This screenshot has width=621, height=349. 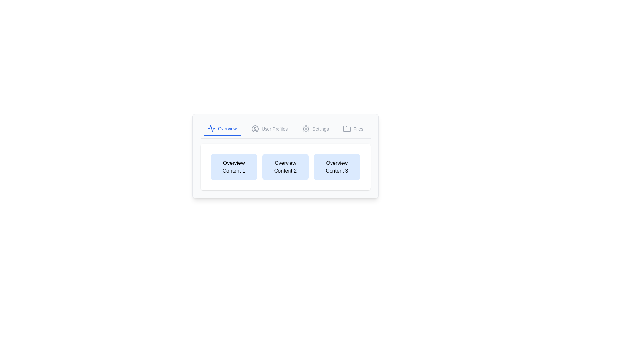 What do you see at coordinates (285, 156) in the screenshot?
I see `the second content card in a row of three items, which serves as a clickable content card for navigation or displaying grouped content` at bounding box center [285, 156].